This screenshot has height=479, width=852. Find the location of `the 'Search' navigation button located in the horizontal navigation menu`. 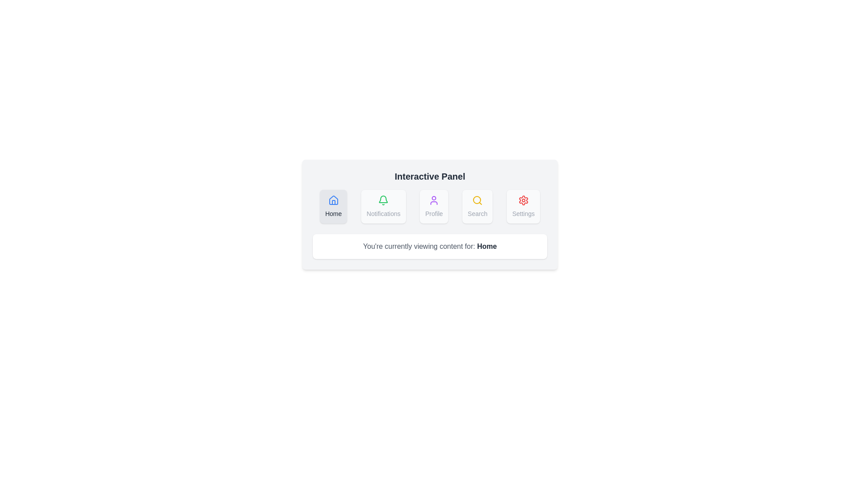

the 'Search' navigation button located in the horizontal navigation menu is located at coordinates (477, 207).